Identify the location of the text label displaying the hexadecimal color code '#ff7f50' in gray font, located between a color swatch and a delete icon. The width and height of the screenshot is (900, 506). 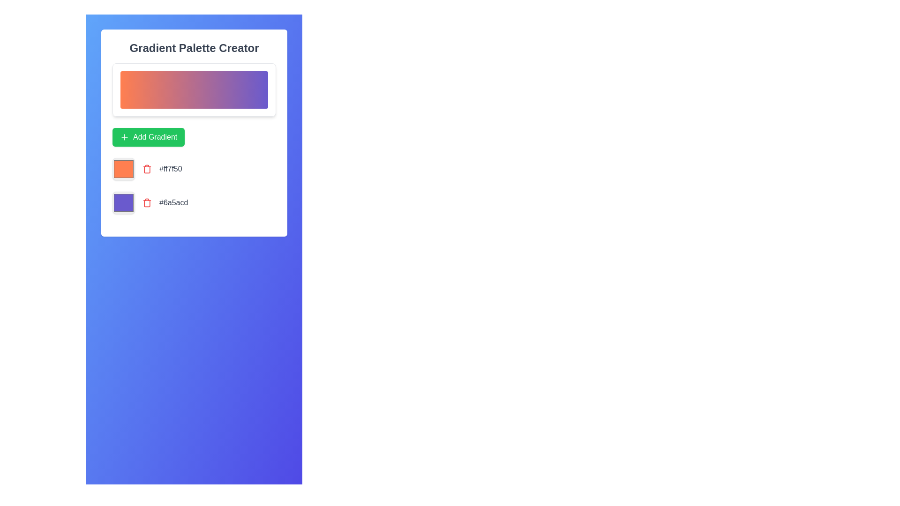
(171, 169).